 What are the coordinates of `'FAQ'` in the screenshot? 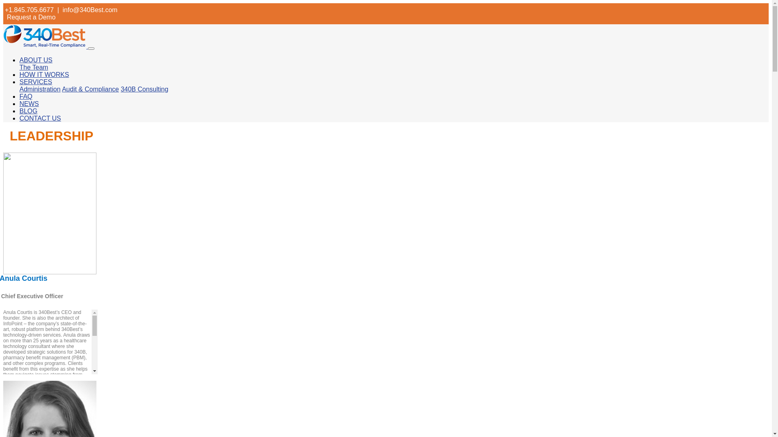 It's located at (26, 96).